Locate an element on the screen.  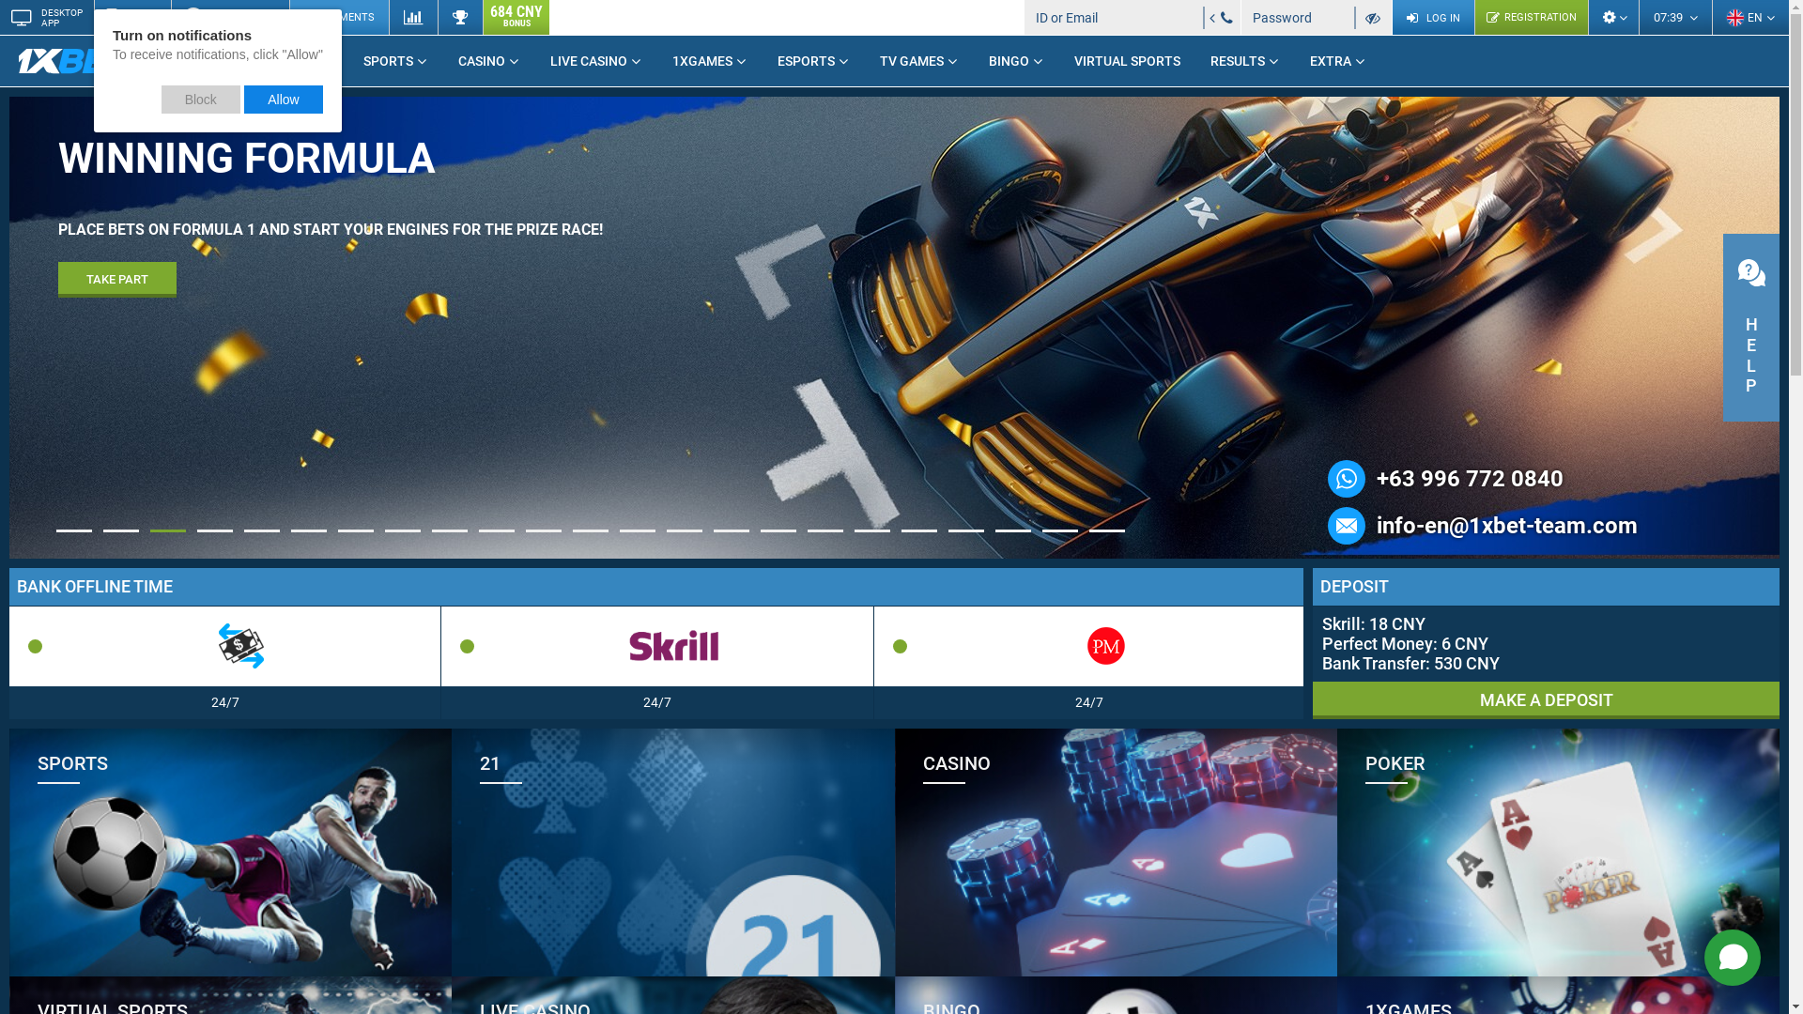
'info-en@1xbet-team.com' is located at coordinates (1506, 525).